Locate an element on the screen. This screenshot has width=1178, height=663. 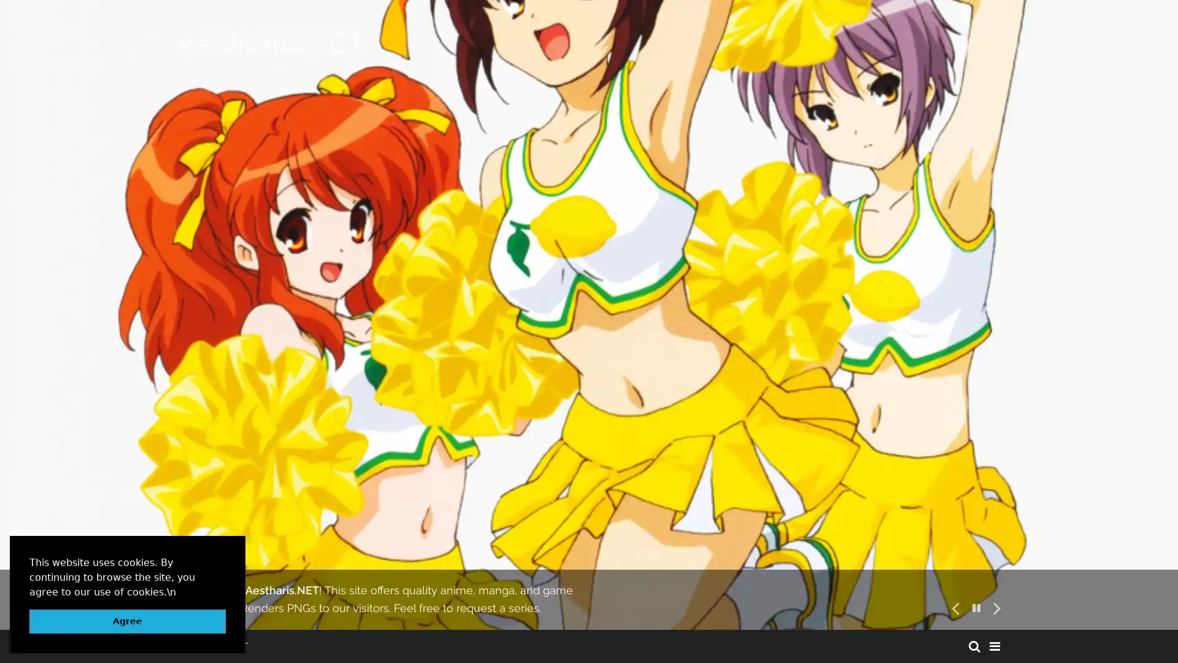
learn more about cookies is located at coordinates (180, 592).